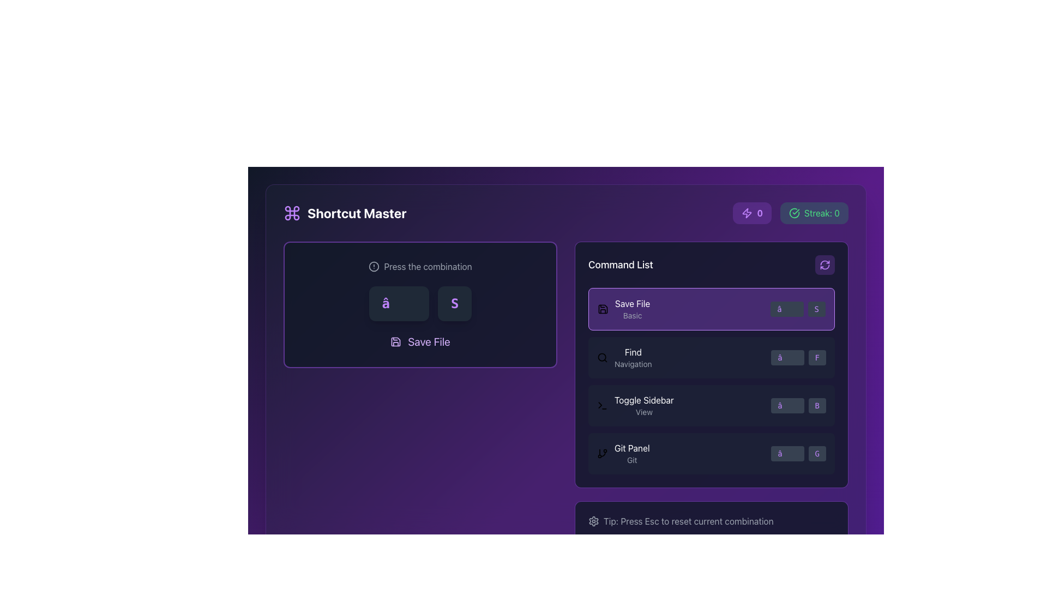 This screenshot has width=1047, height=589. What do you see at coordinates (688, 521) in the screenshot?
I see `the informational text displaying 'Tip: Press Esc to reset current combination', which is styled in light gray and located at the bottom of the interface adjacent to an icon` at bounding box center [688, 521].